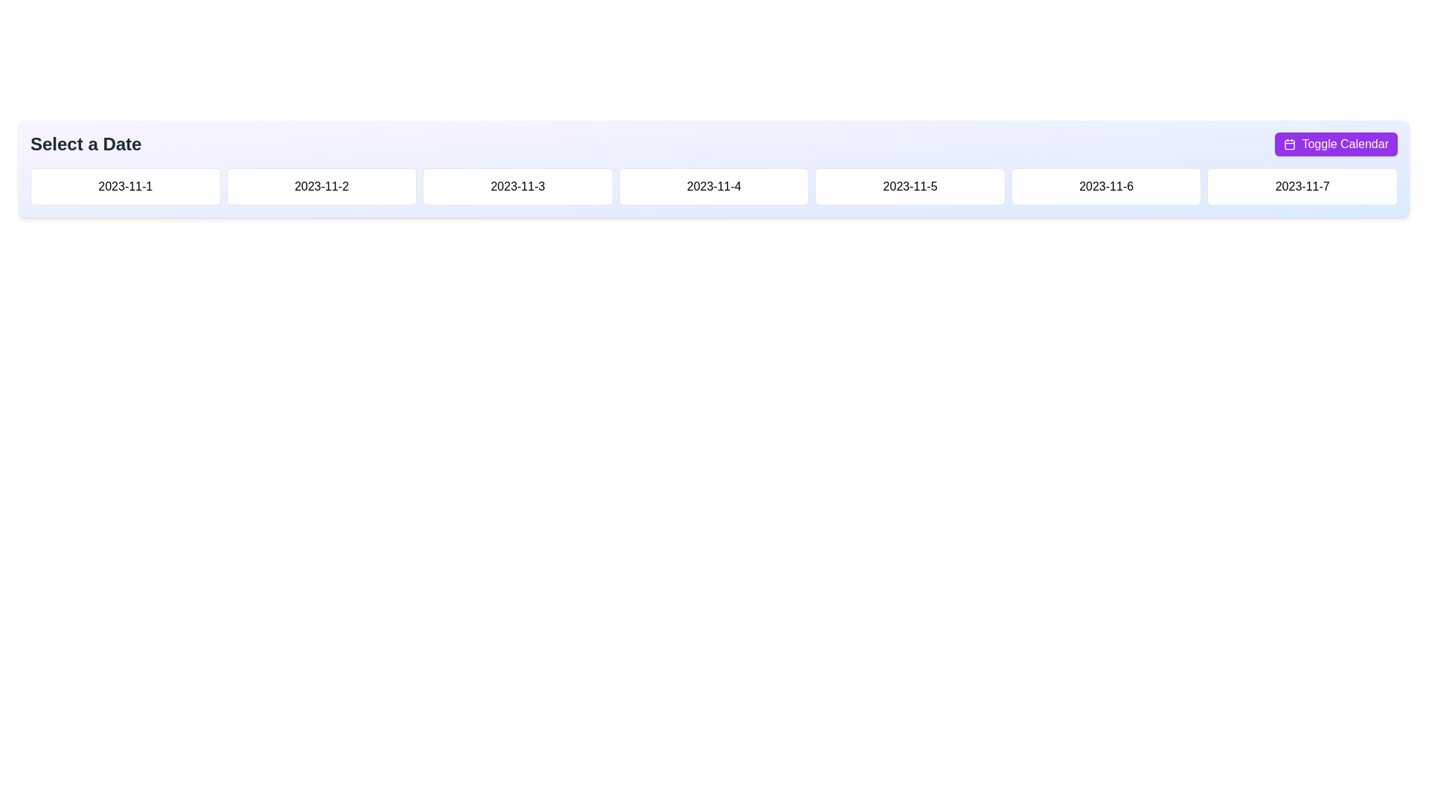  I want to click on the third date selection button, which is positioned between the buttons for '2023-11-2' and '2023-11-4', so click(518, 185).